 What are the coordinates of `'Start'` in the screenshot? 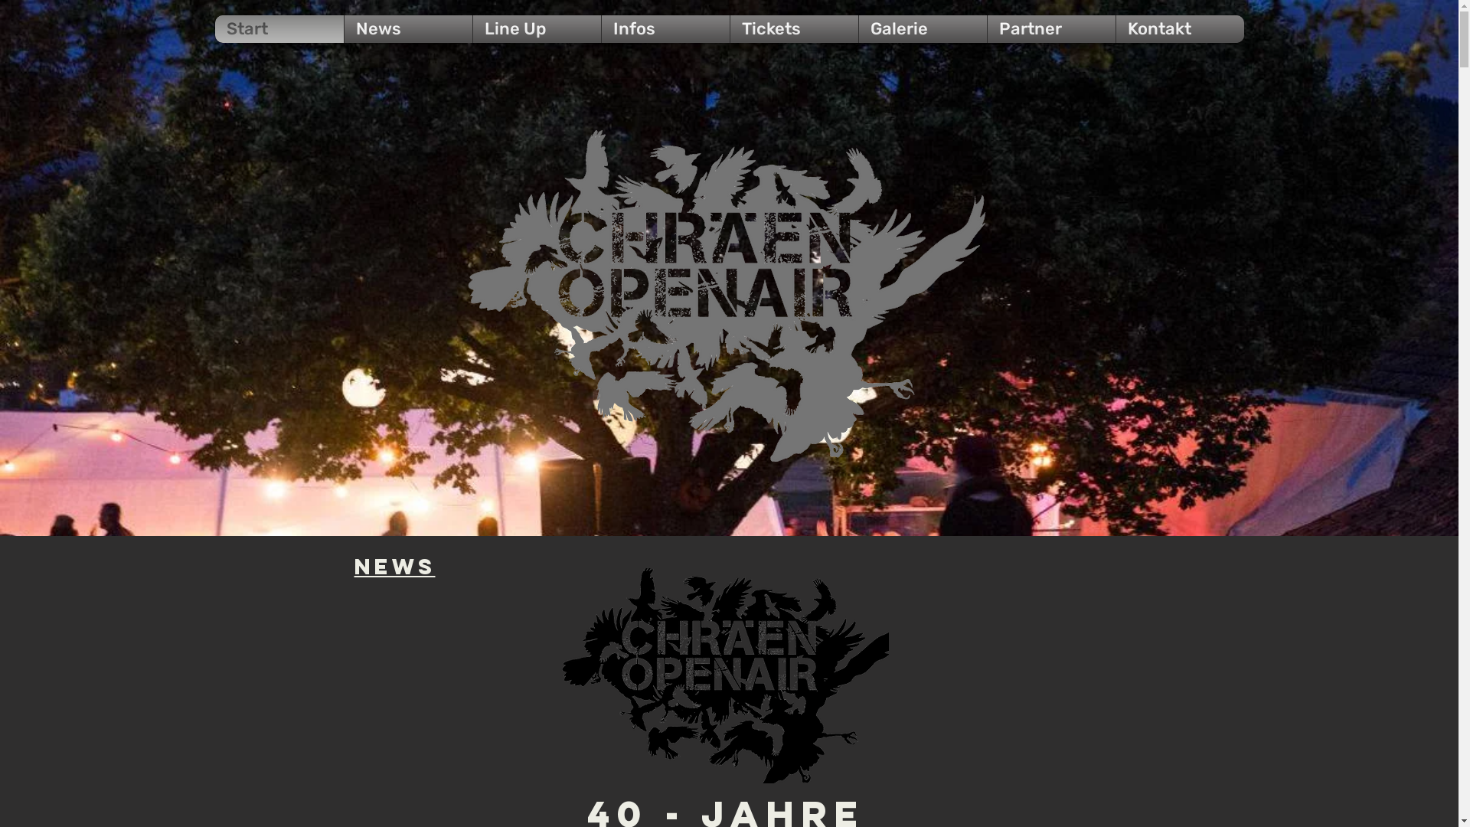 It's located at (279, 29).